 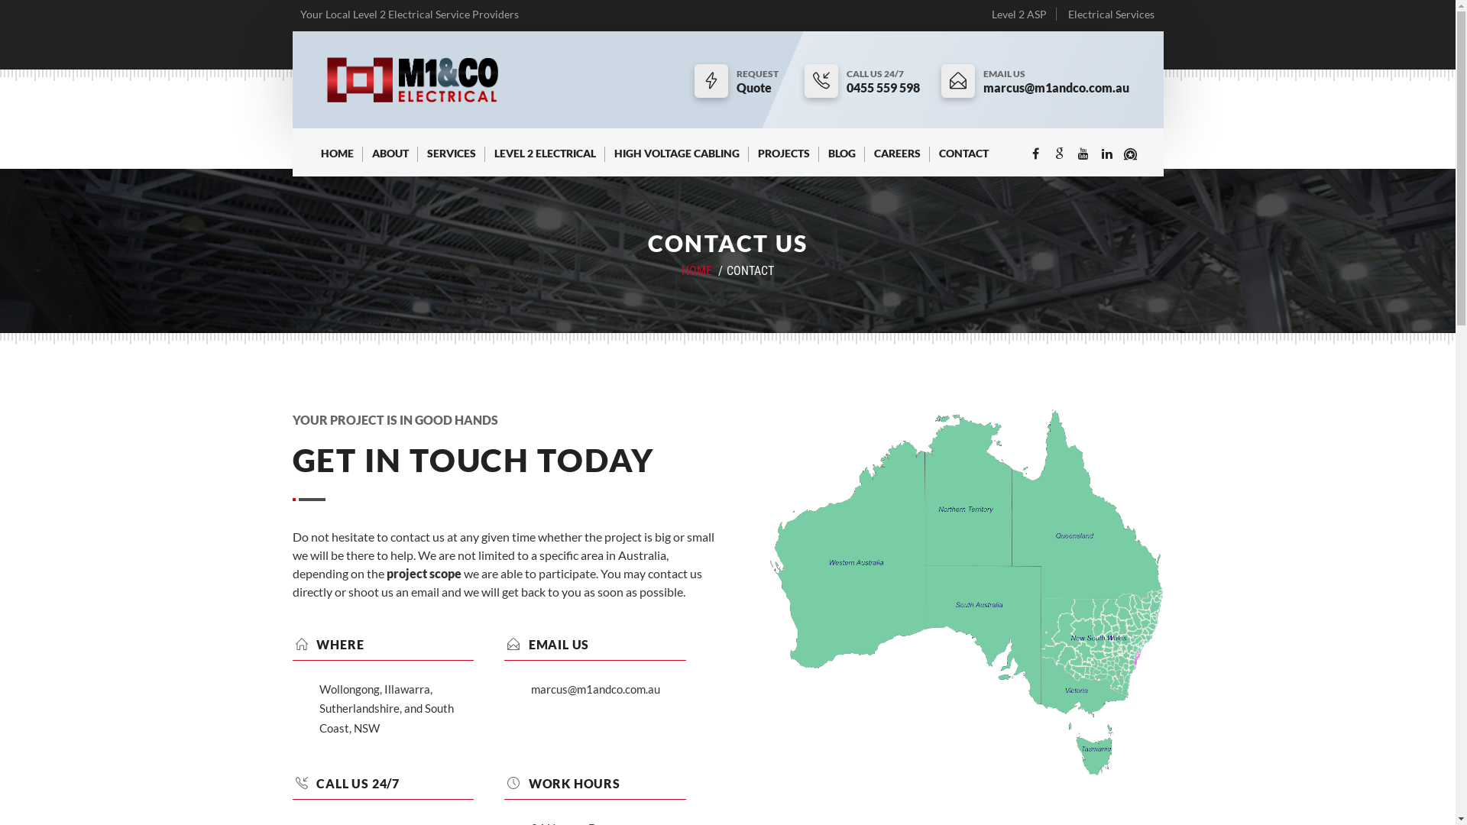 I want to click on 'PROJECTS', so click(x=748, y=160).